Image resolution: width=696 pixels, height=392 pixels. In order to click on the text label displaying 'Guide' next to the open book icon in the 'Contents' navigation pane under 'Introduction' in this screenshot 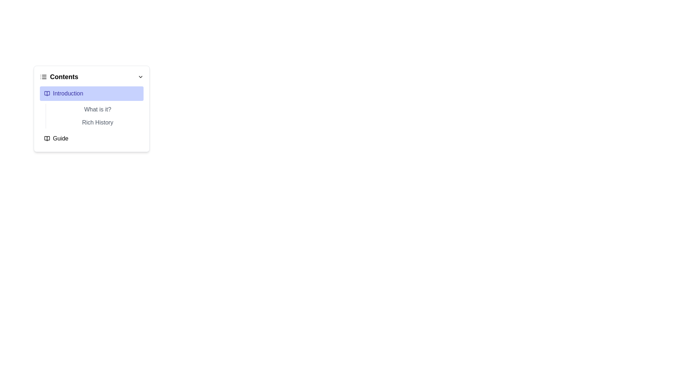, I will do `click(61, 138)`.